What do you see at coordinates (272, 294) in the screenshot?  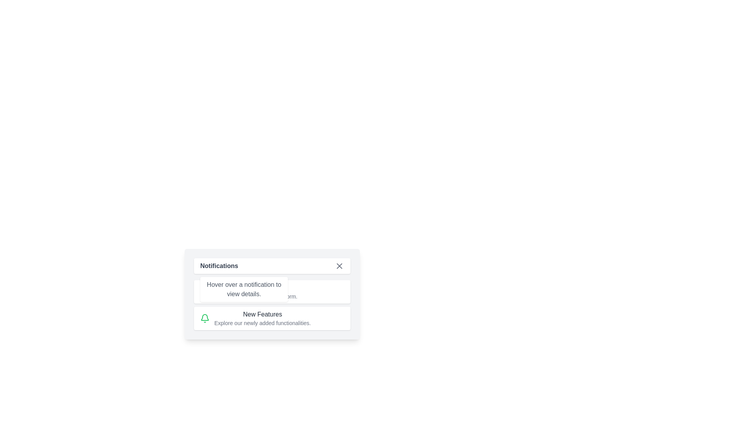 I see `the informational panel titled 'Notifications' which has a light gray background and rounded corners` at bounding box center [272, 294].